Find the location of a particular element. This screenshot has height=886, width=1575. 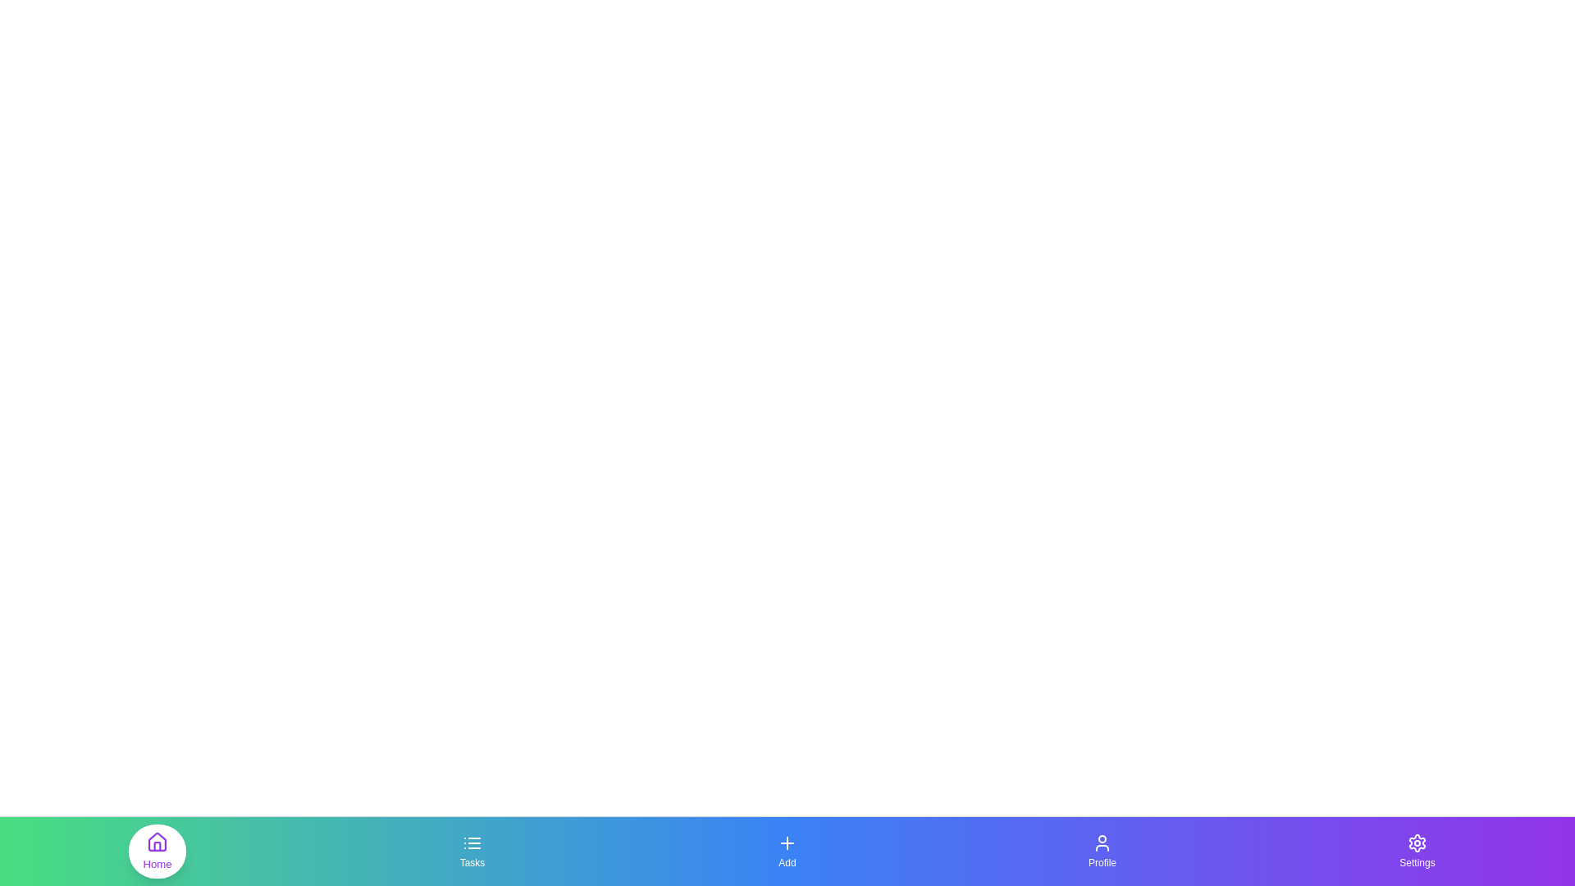

the text label Add under the respective icon in the bottom navigation is located at coordinates (787, 862).